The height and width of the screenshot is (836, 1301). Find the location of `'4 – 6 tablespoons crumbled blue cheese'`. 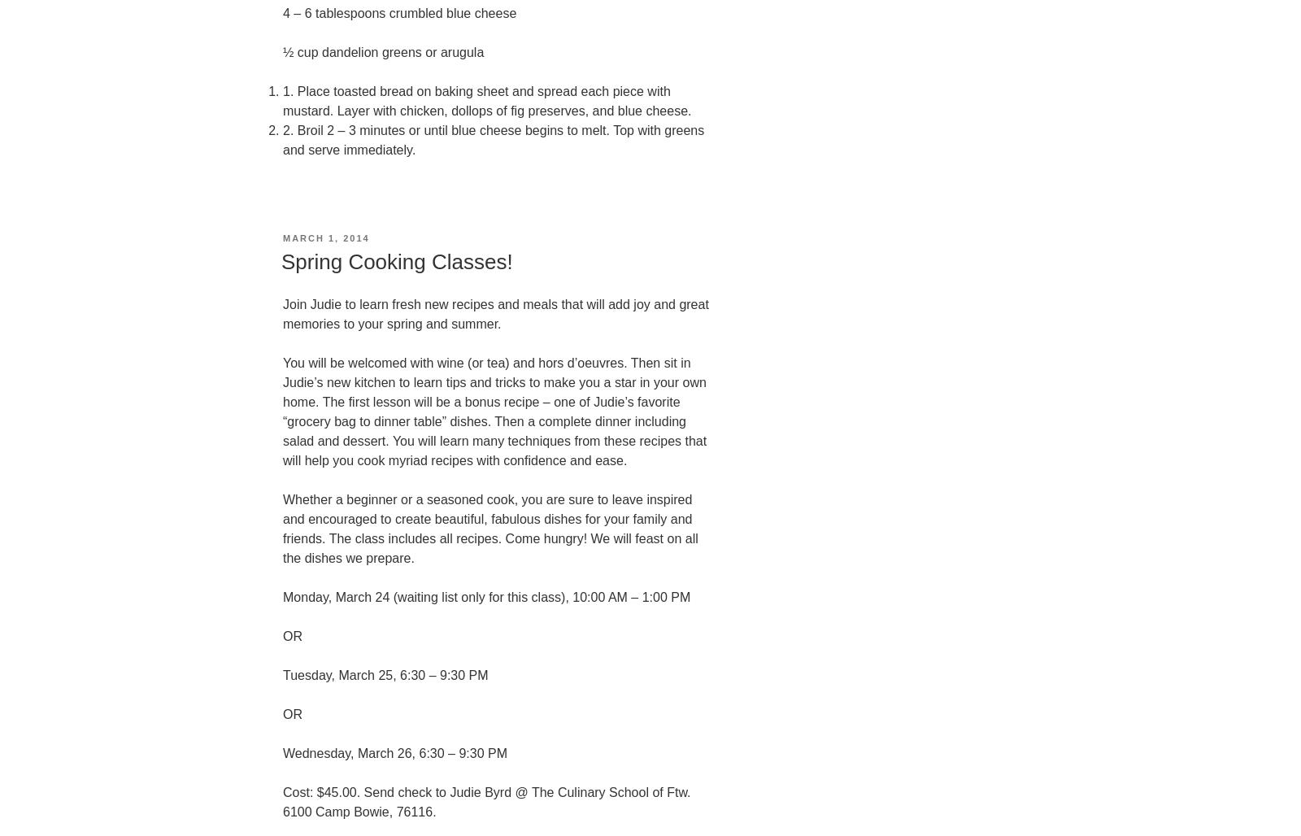

'4 – 6 tablespoons crumbled blue cheese' is located at coordinates (398, 12).